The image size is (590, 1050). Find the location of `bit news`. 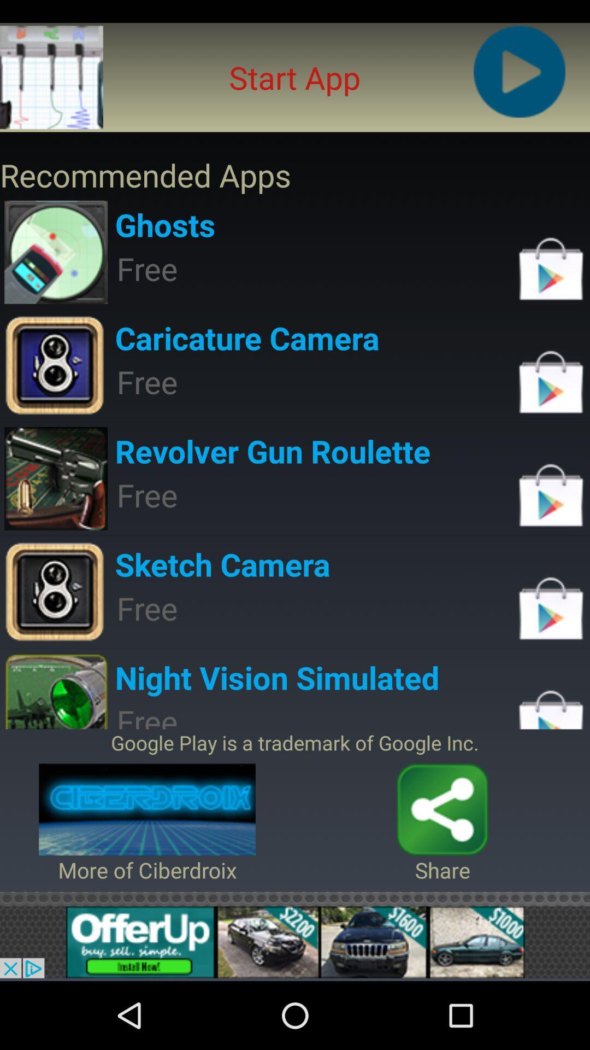

bit news is located at coordinates (295, 942).